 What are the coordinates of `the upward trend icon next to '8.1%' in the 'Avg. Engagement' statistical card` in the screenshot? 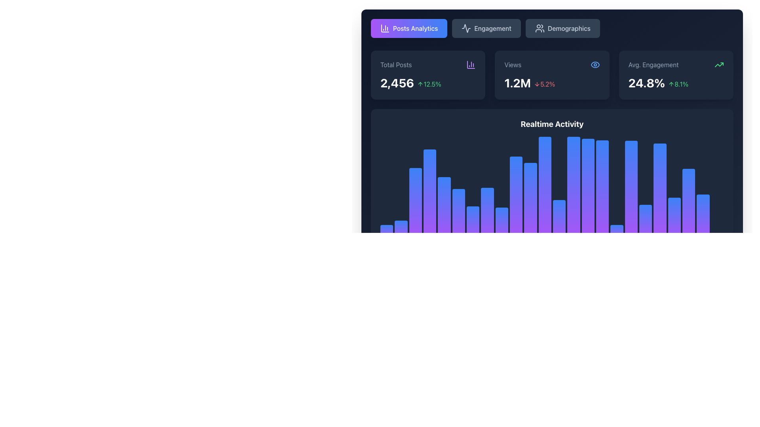 It's located at (671, 84).